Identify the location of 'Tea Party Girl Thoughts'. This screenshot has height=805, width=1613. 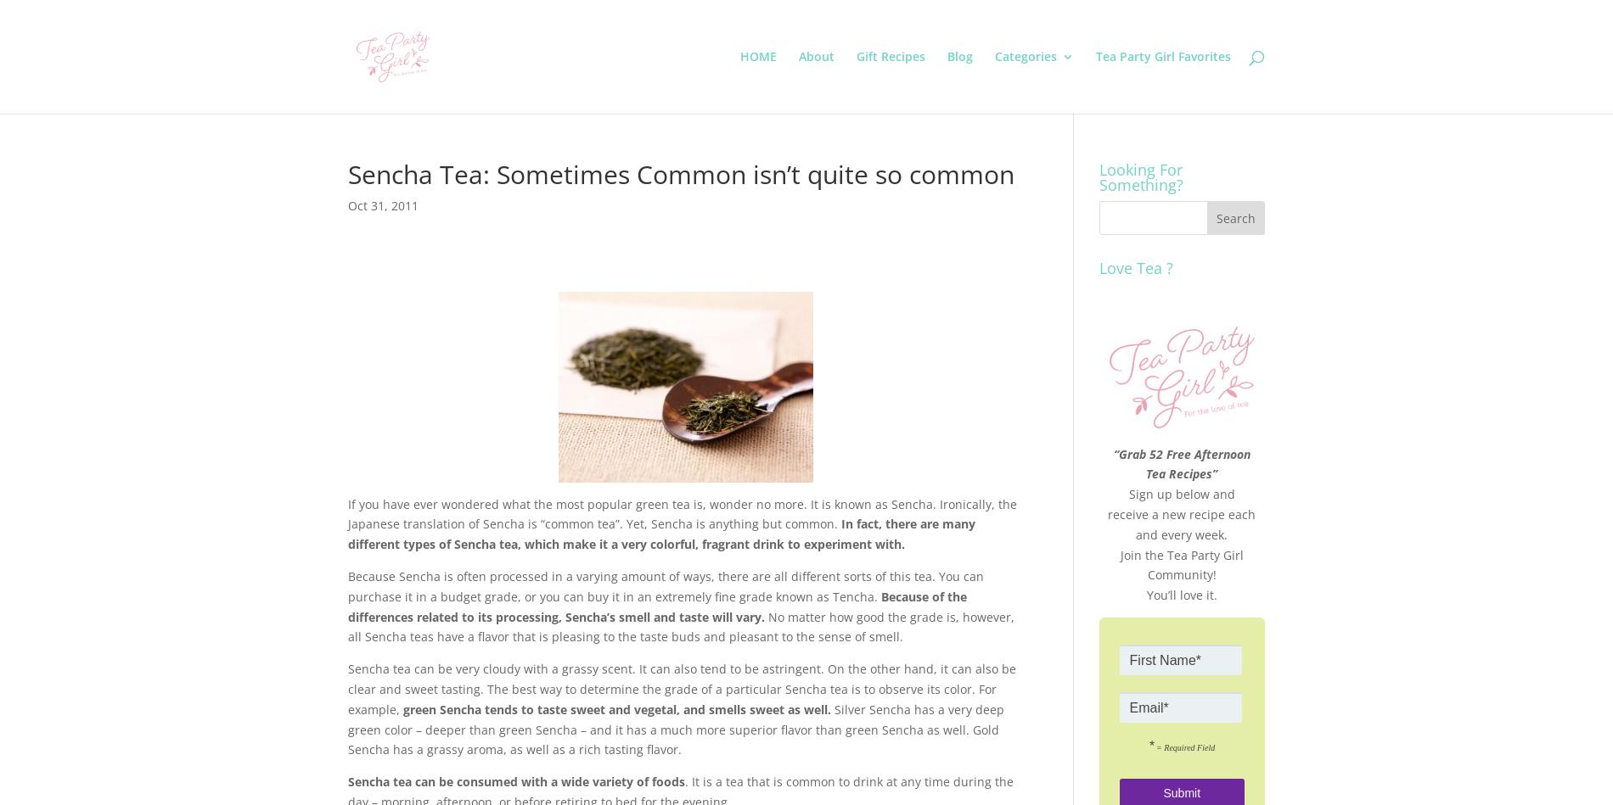
(1067, 466).